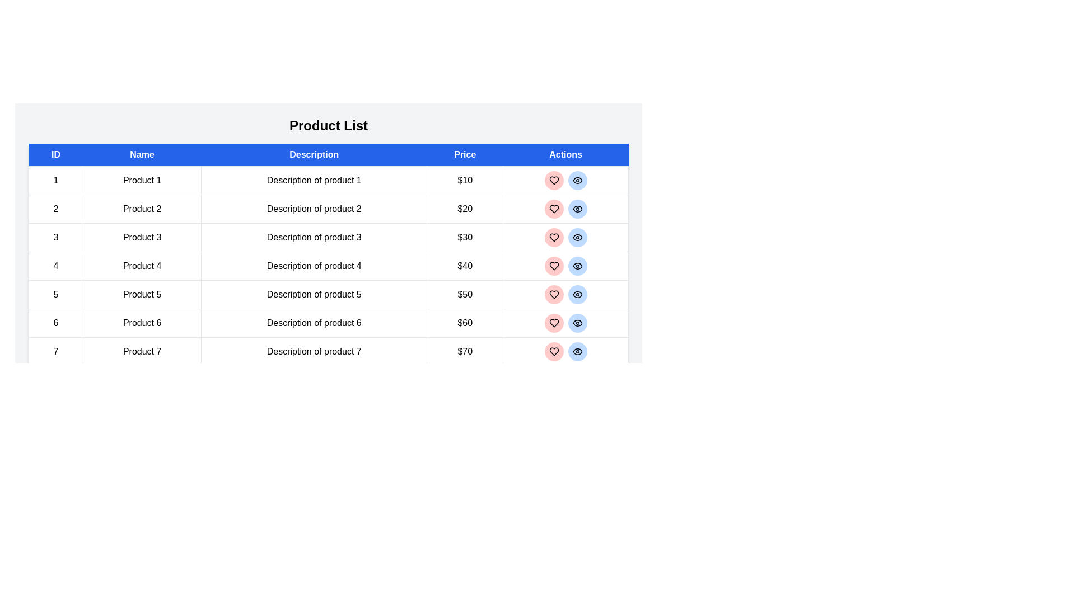  I want to click on the column header Description to sort the table by that column, so click(314, 155).